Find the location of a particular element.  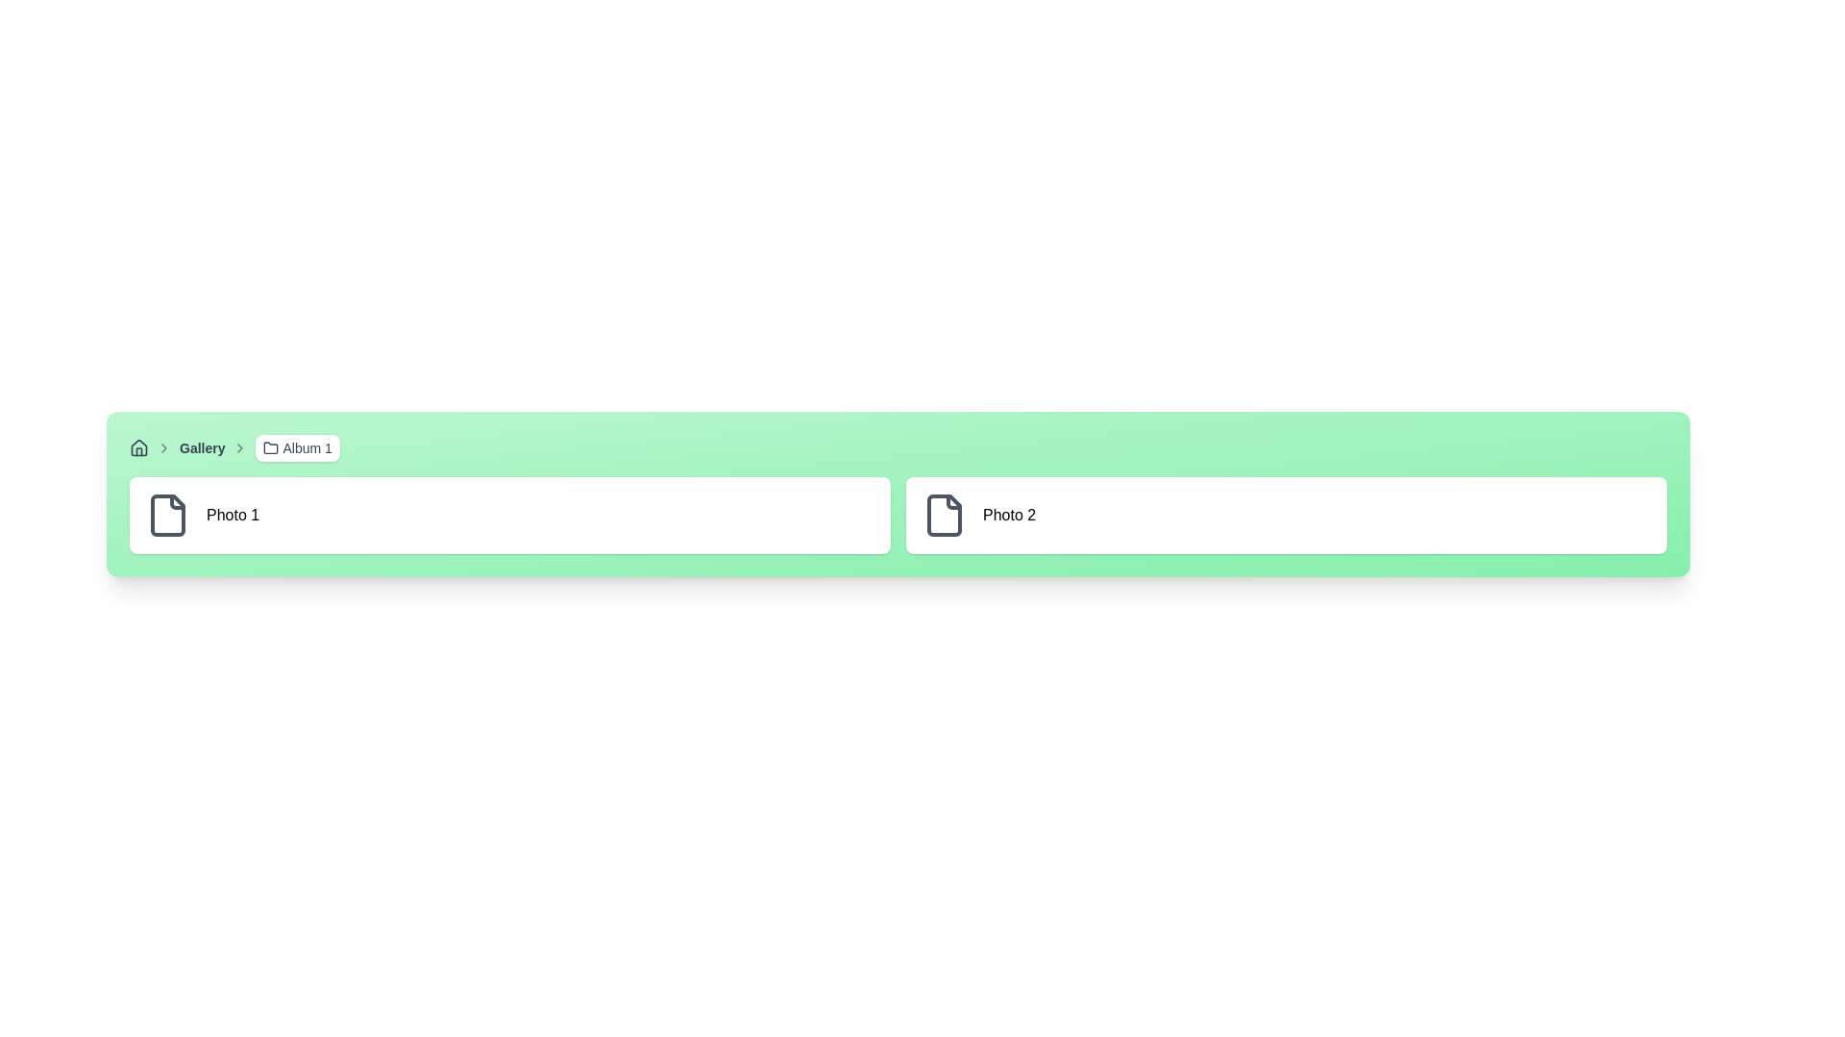

the icon representing 'Photo 1' is located at coordinates (167, 514).